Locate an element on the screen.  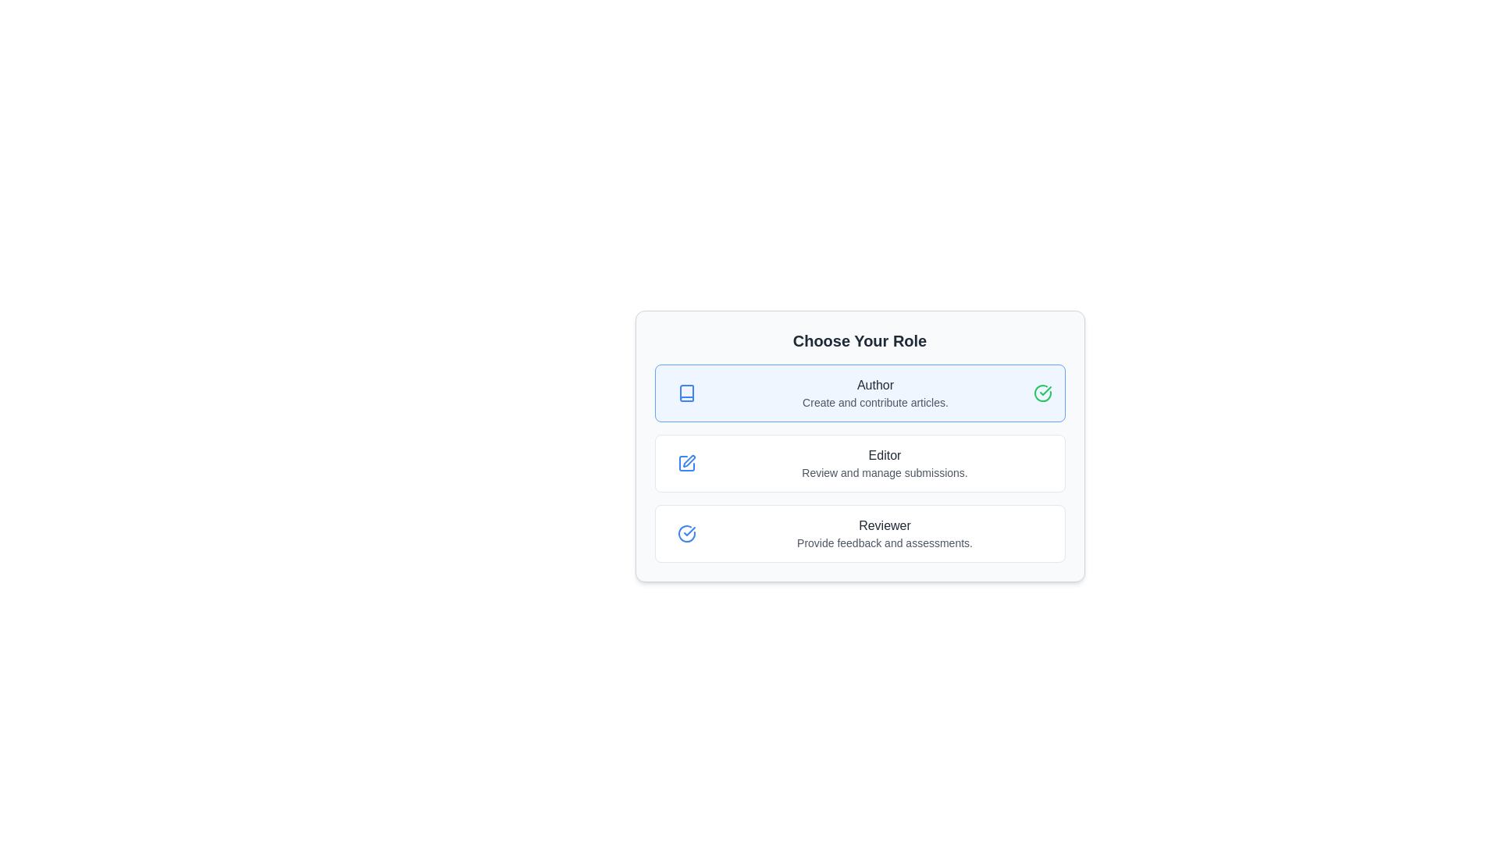
the small book-like icon with a blue outline design associated with the 'Author' option in the 'Choose Your Role' selection menu is located at coordinates (686, 393).